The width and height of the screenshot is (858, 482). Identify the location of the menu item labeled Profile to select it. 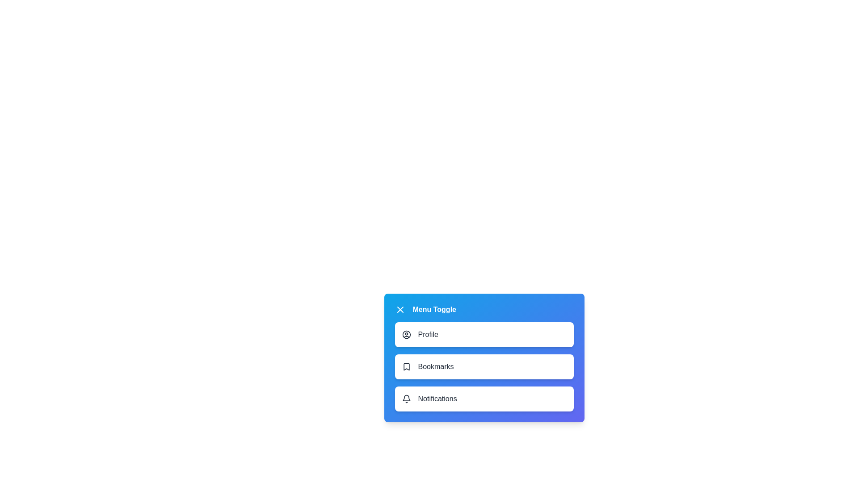
(484, 334).